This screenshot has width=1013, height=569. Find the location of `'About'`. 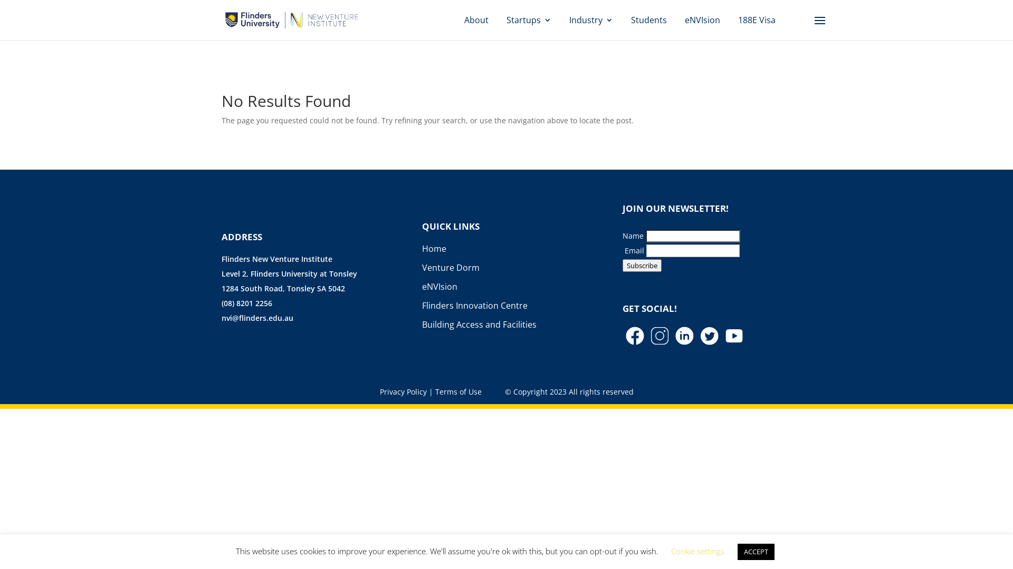

'About' is located at coordinates (475, 20).